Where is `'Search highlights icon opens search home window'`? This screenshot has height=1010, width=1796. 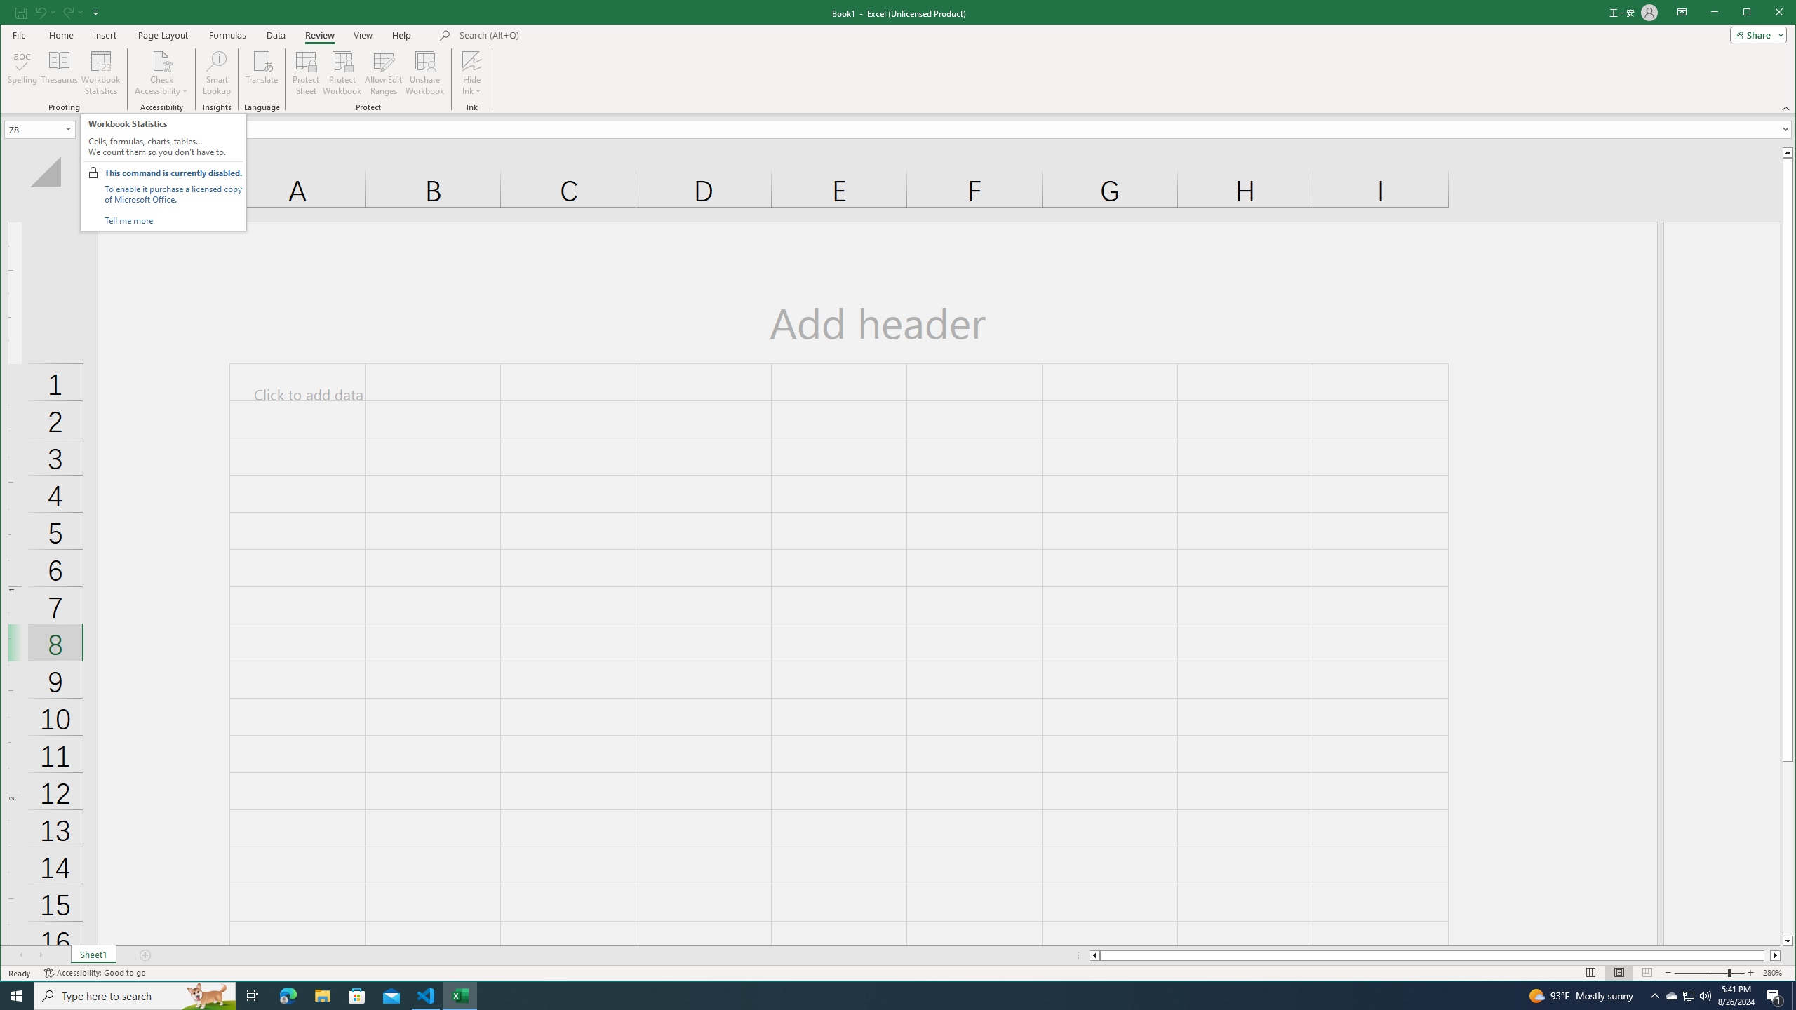 'Search highlights icon opens search home window' is located at coordinates (206, 995).